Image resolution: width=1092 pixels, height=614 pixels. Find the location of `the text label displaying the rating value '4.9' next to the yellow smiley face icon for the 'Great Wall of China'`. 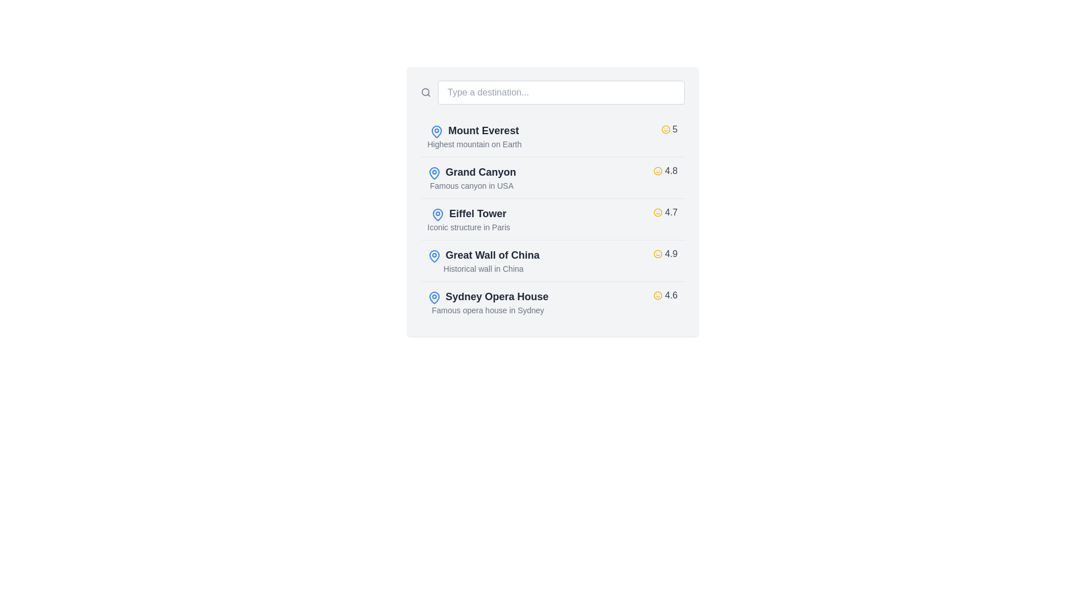

the text label displaying the rating value '4.9' next to the yellow smiley face icon for the 'Great Wall of China' is located at coordinates (671, 254).